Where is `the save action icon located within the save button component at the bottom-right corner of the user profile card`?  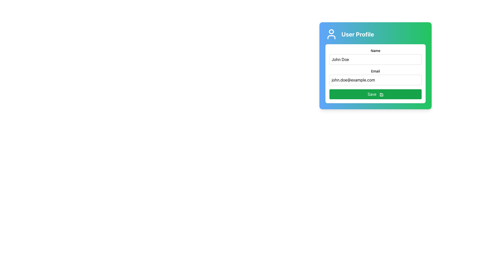 the save action icon located within the save button component at the bottom-right corner of the user profile card is located at coordinates (381, 94).